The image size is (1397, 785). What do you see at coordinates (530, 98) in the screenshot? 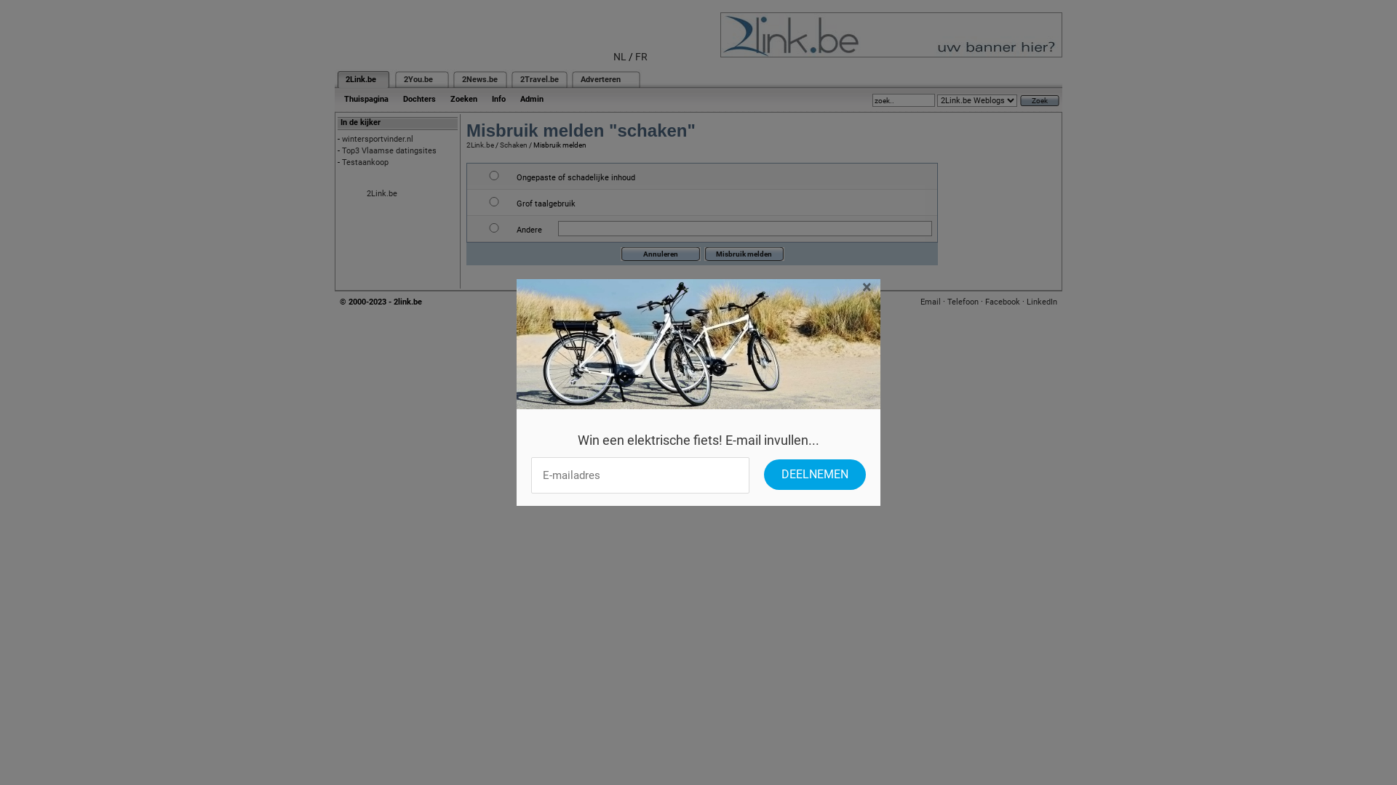
I see `'Admin'` at bounding box center [530, 98].